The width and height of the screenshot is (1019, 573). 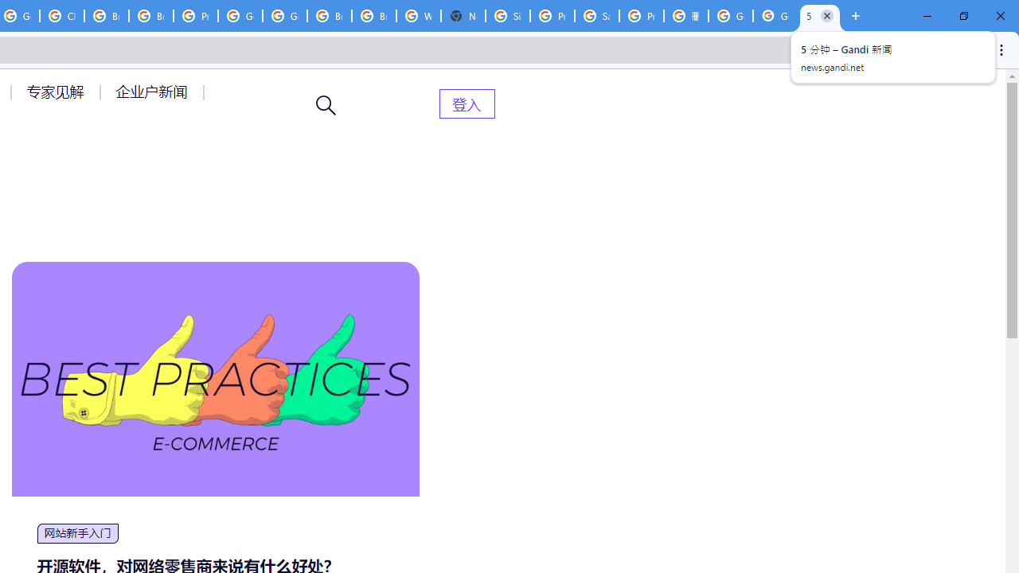 What do you see at coordinates (240, 16) in the screenshot?
I see `'Google Cloud Platform'` at bounding box center [240, 16].